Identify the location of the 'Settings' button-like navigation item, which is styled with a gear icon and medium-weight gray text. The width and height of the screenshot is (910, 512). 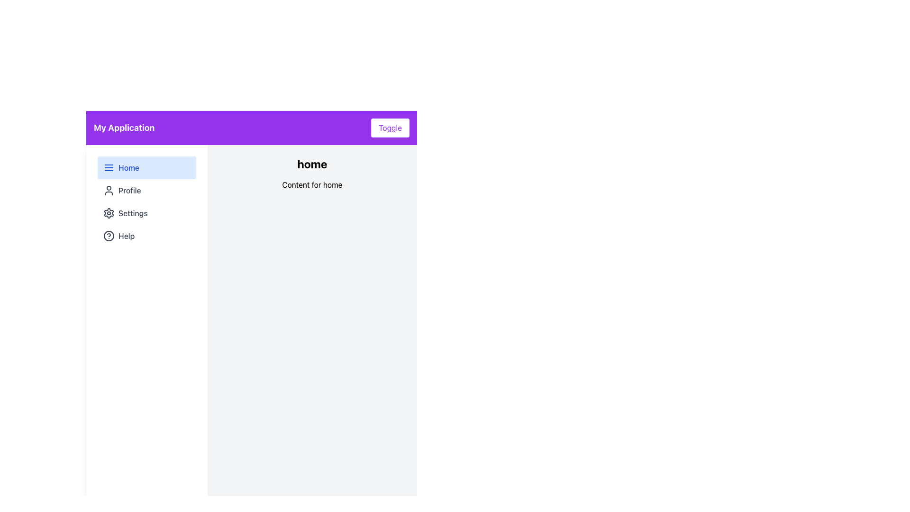
(146, 213).